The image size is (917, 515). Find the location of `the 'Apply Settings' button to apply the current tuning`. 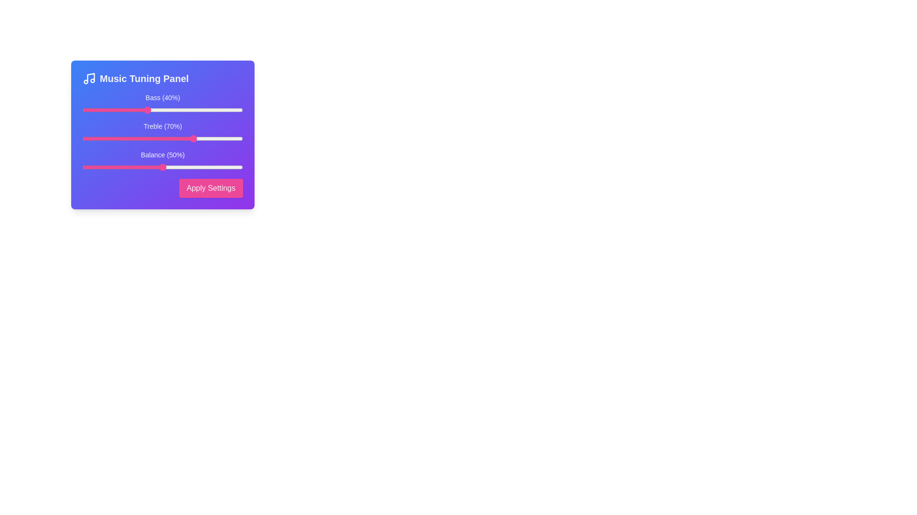

the 'Apply Settings' button to apply the current tuning is located at coordinates (210, 188).